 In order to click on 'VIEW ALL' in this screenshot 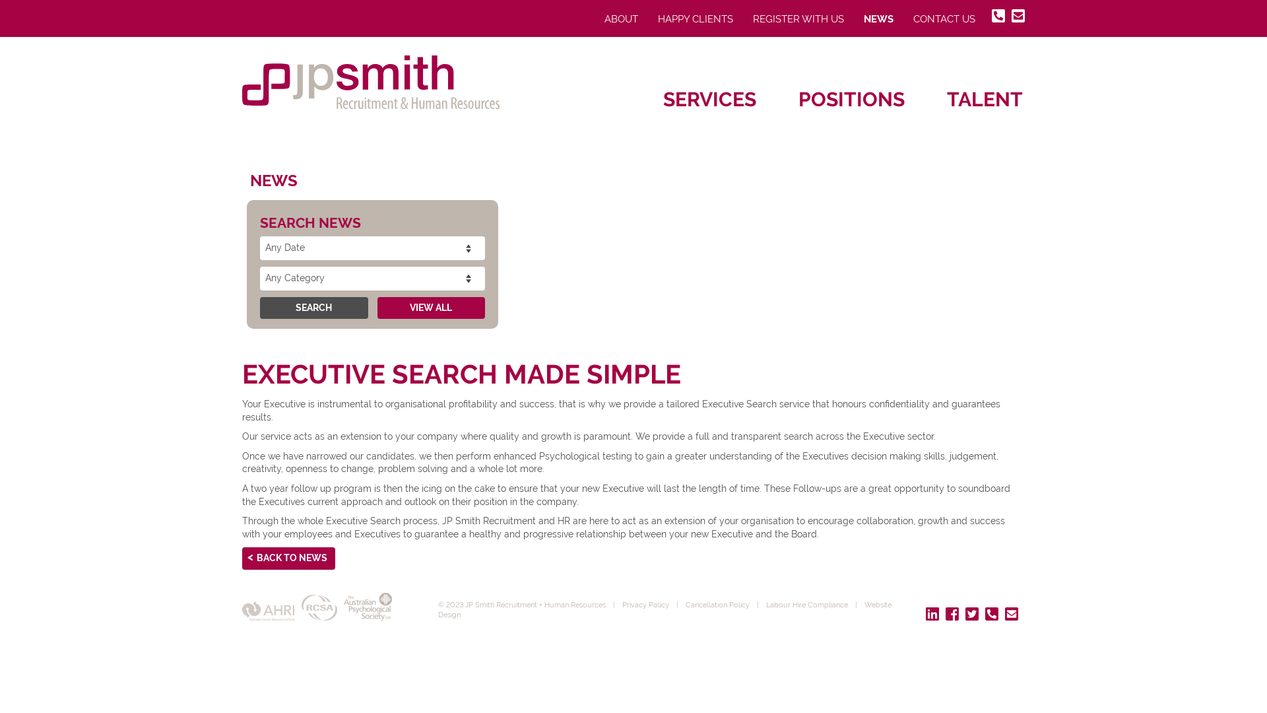, I will do `click(431, 308)`.